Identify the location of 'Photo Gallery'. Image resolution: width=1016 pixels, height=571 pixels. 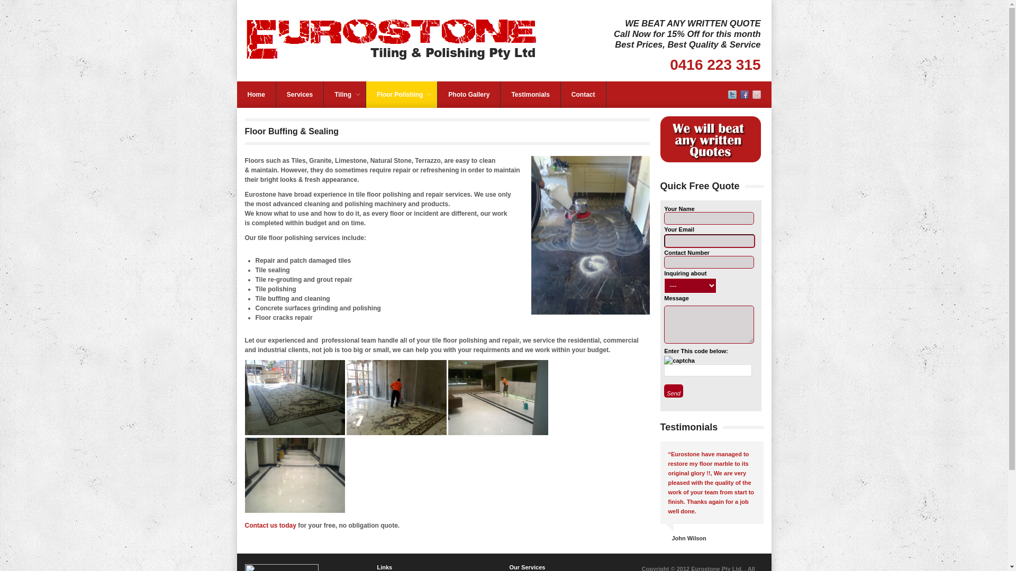
(468, 94).